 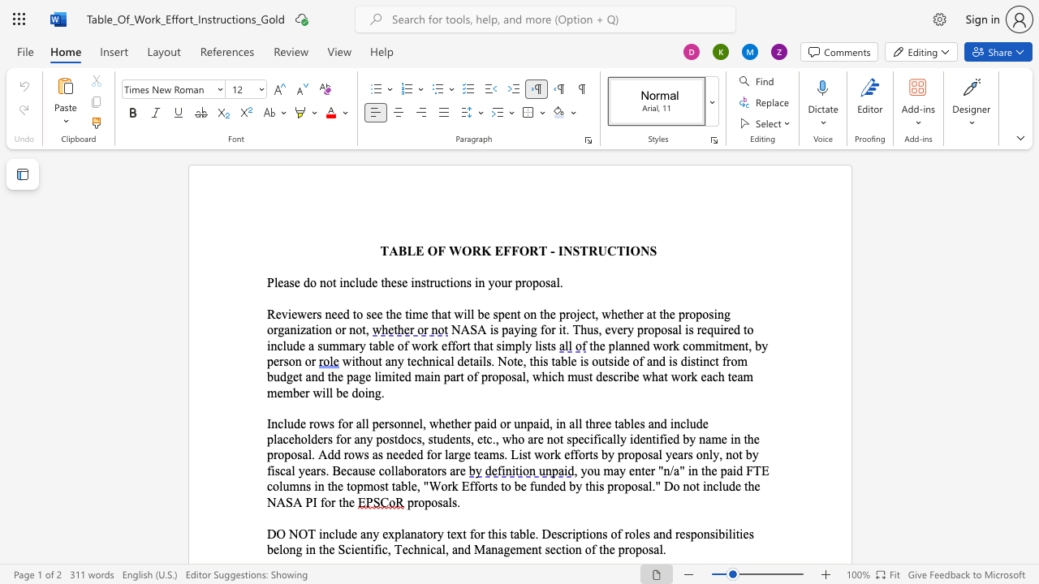 What do you see at coordinates (278, 439) in the screenshot?
I see `the space between the continuous character "l" and "a" in the text` at bounding box center [278, 439].